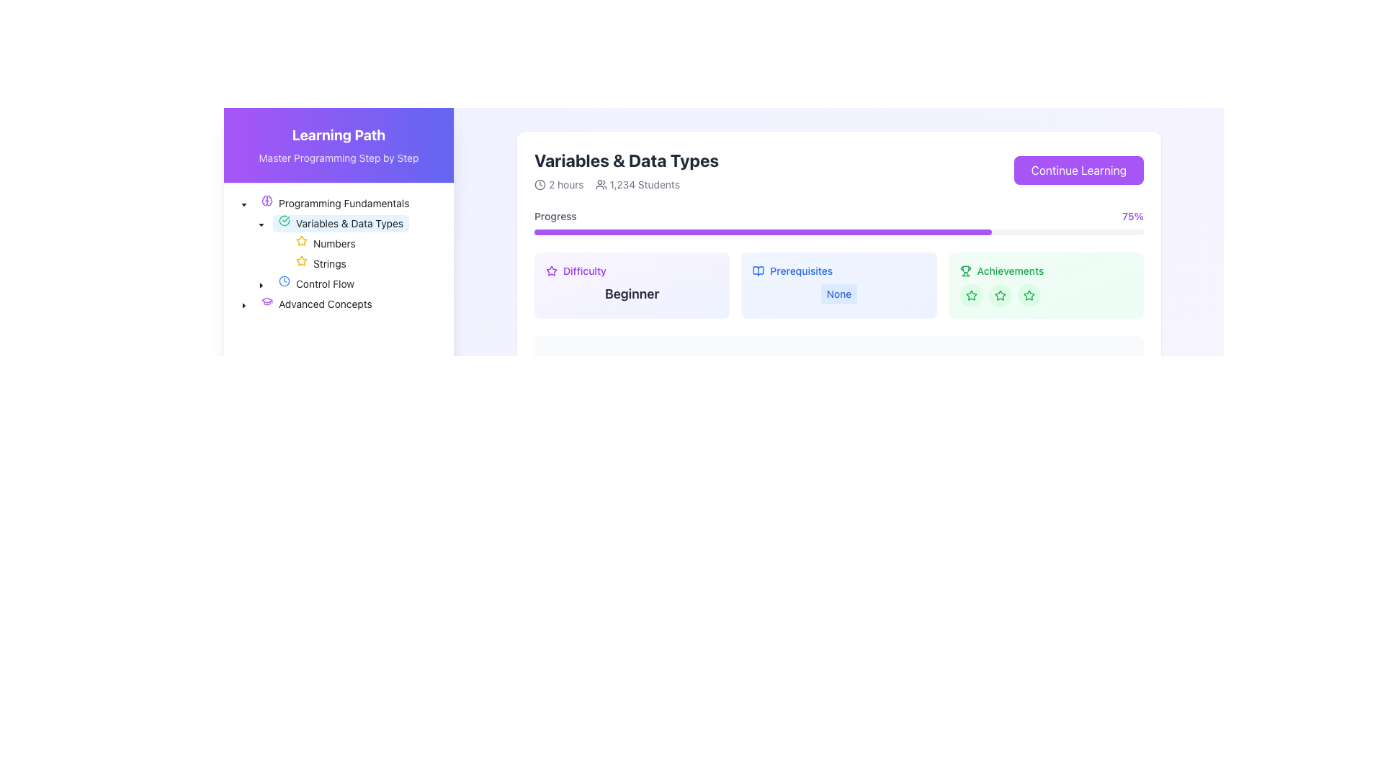  What do you see at coordinates (800, 271) in the screenshot?
I see `the static text label displaying 'Prerequisites', which is styled in blue and located beside an icon resembling an open book, within the informational components under 'Variables & Data Types'` at bounding box center [800, 271].